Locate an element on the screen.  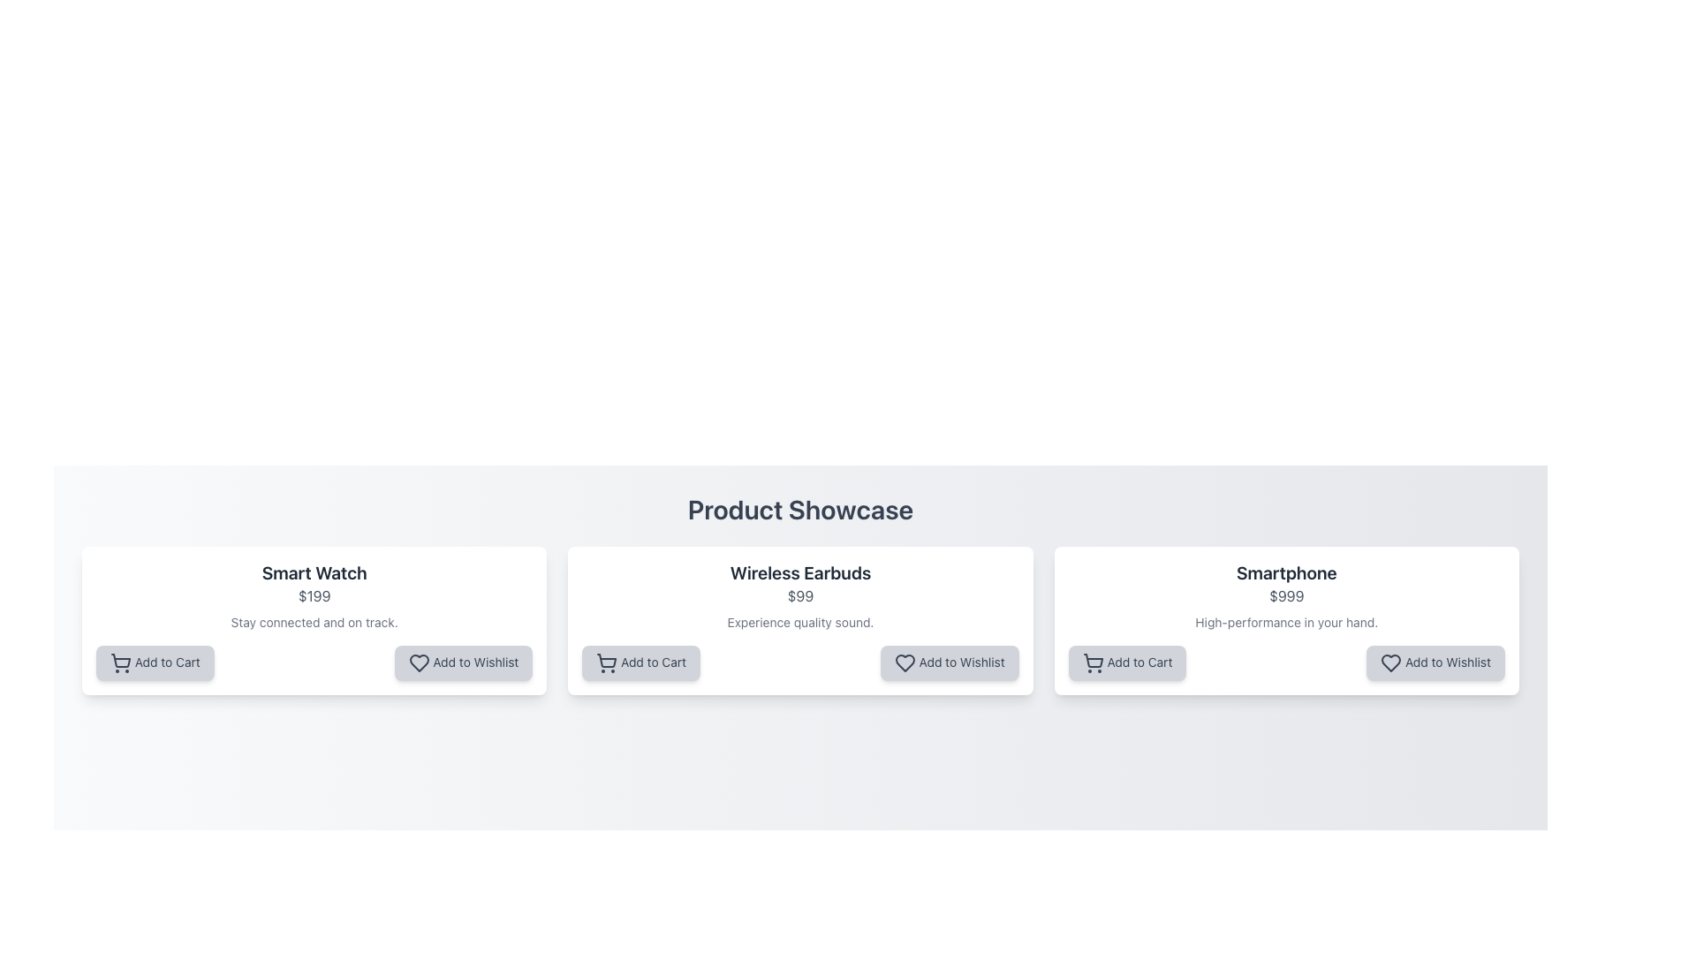
the 'Add to Wishlist' button, which is a rounded rectangle with a light gray background and dark gray text is located at coordinates (463, 663).